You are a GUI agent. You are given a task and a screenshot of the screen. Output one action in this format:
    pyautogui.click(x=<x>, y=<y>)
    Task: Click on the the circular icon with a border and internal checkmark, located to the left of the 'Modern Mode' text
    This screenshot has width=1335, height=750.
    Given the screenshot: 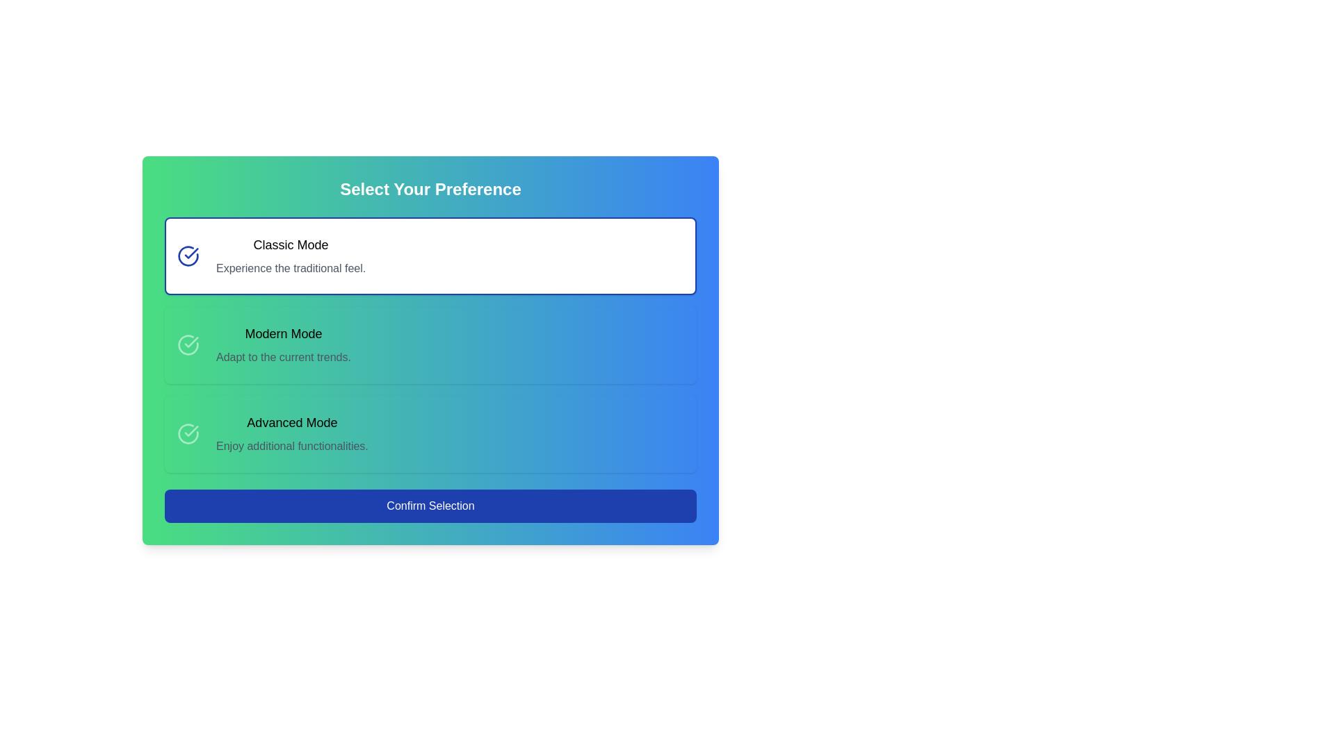 What is the action you would take?
    pyautogui.click(x=187, y=344)
    